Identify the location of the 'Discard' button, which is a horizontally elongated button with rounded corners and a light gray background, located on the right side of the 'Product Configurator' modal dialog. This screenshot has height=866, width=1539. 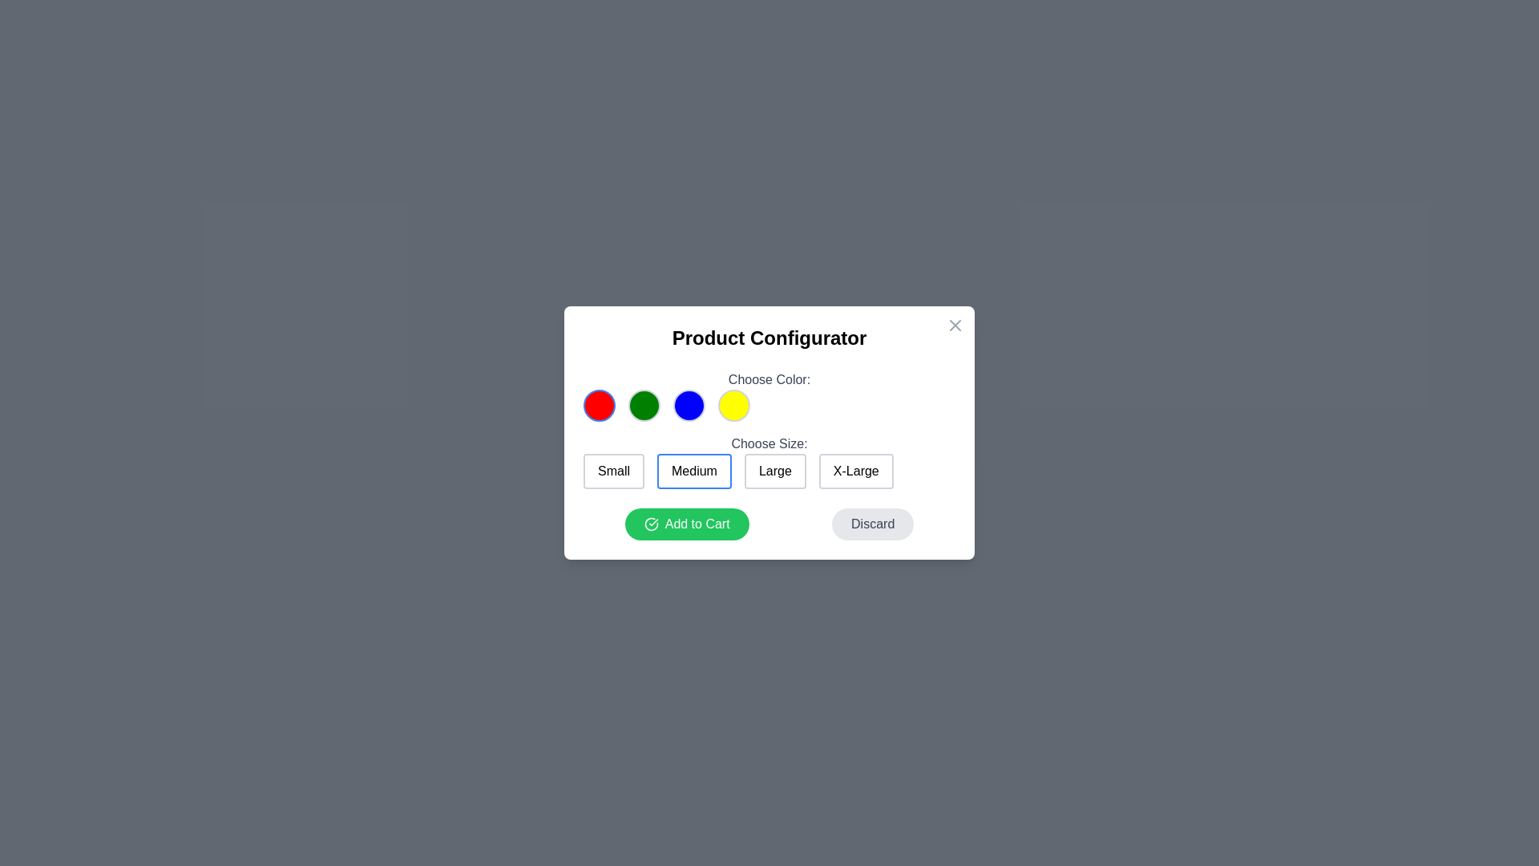
(872, 524).